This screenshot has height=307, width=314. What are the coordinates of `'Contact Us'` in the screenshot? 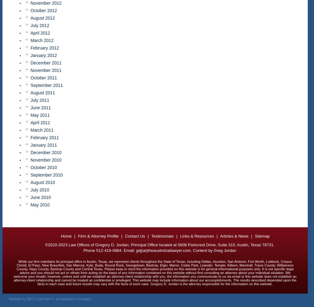 It's located at (135, 236).